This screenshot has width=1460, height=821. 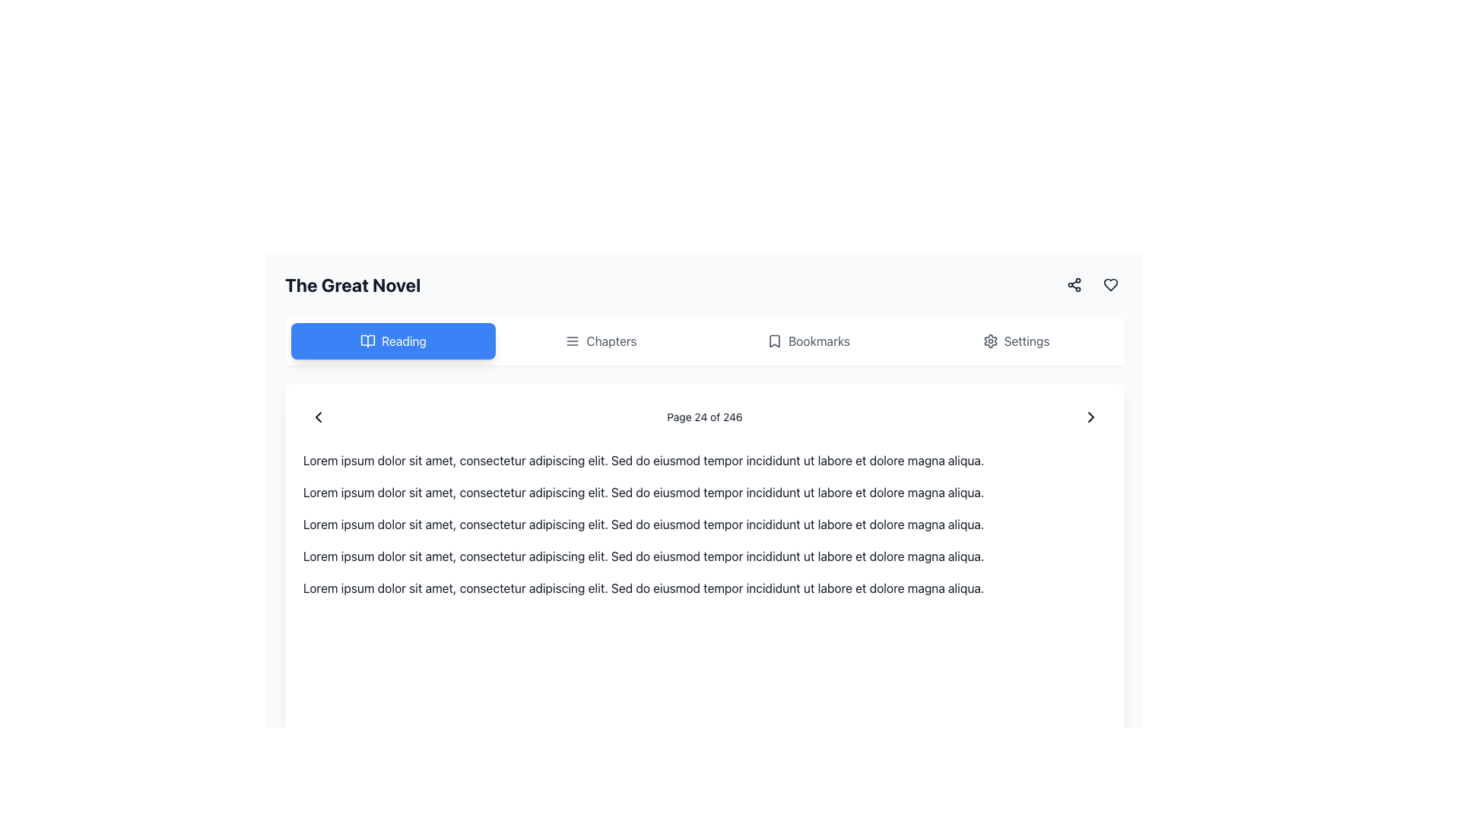 I want to click on the 'Settings' icon located in the upper-right corner of the interface, so click(x=990, y=340).